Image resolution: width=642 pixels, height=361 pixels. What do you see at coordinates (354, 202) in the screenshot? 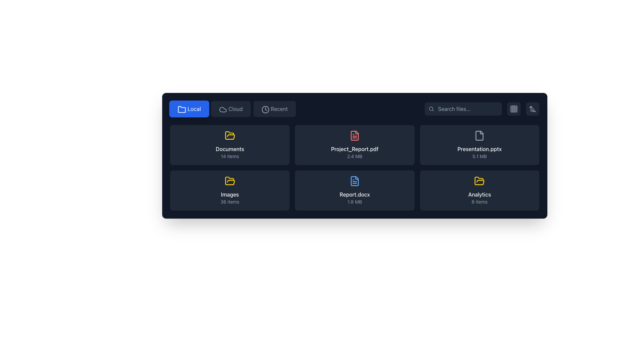
I see `the label displaying '1.8 MB' in light gray, located beneath 'Report.docx' in the file card grid layout` at bounding box center [354, 202].